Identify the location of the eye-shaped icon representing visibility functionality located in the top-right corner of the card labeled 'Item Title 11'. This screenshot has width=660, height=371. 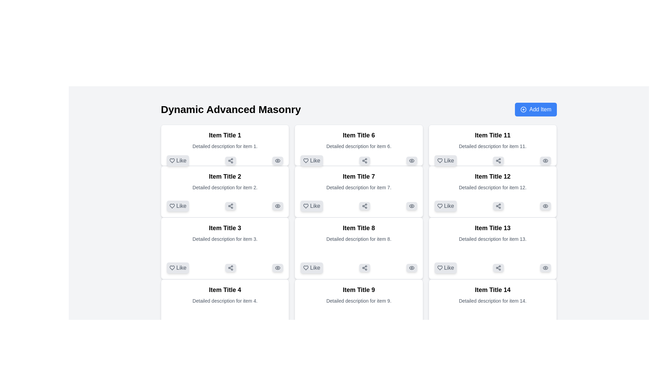
(545, 160).